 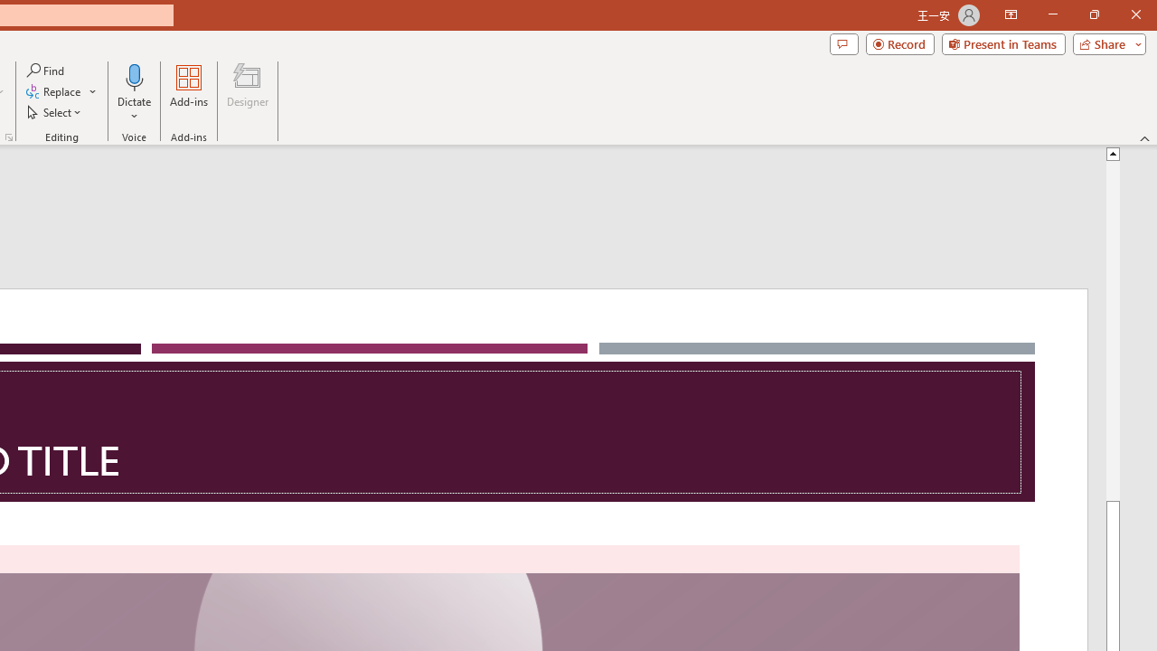 What do you see at coordinates (62, 91) in the screenshot?
I see `'Replace...'` at bounding box center [62, 91].